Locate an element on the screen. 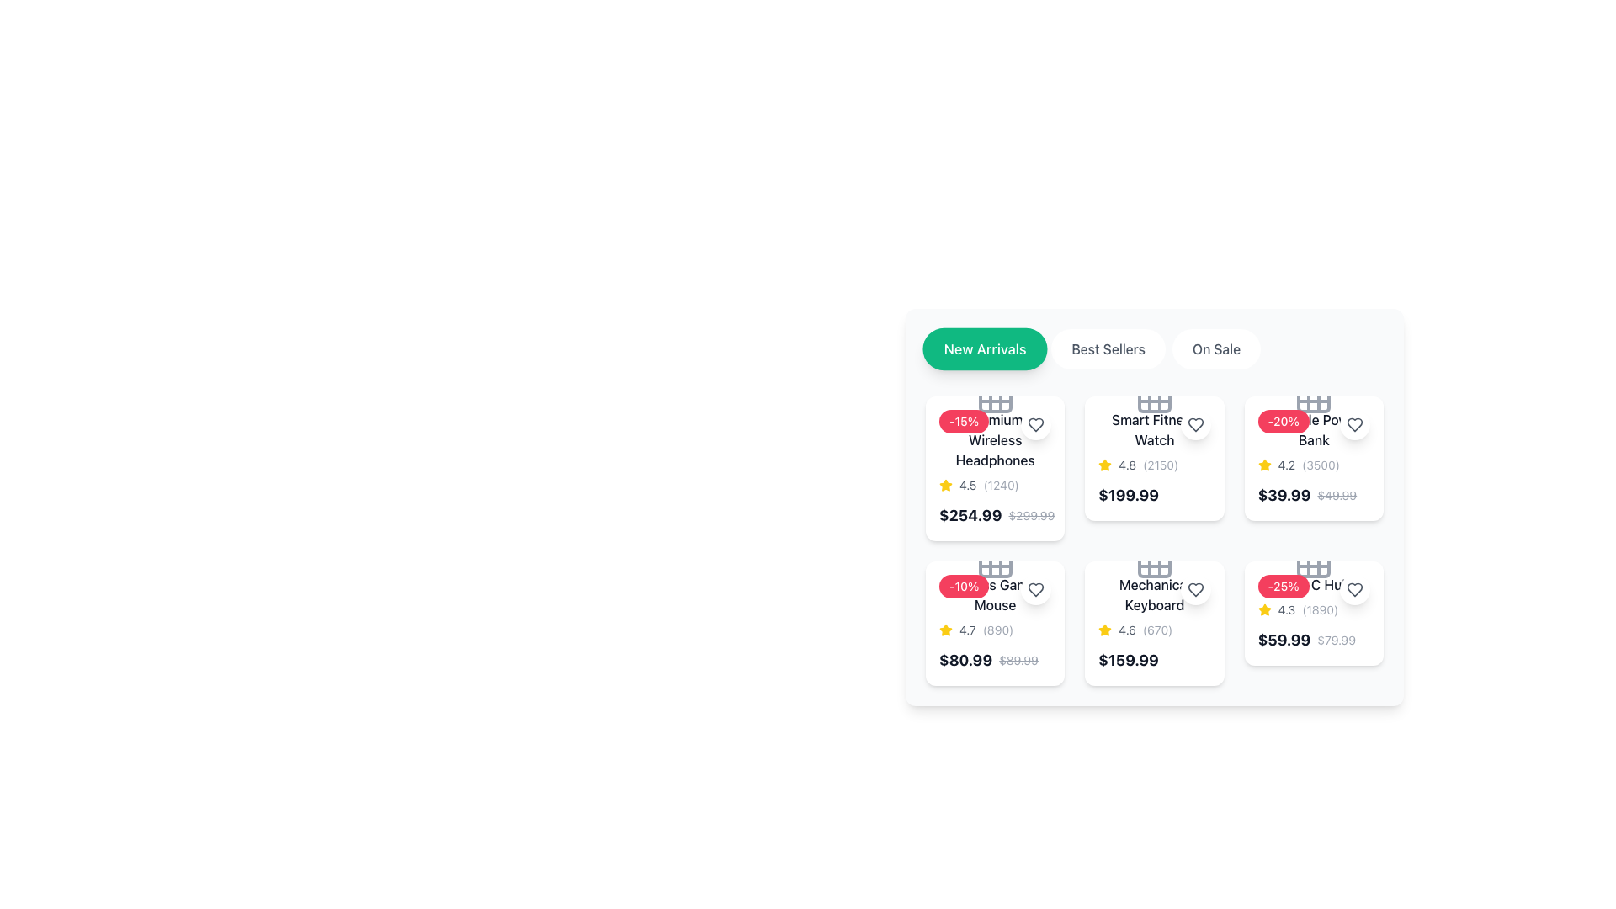  the rating display element that includes a yellow star icon and the text '4.2' with '(3500)' indicating the number of ratings, located below the 'Portable Power Bank' item's title is located at coordinates (1313, 465).